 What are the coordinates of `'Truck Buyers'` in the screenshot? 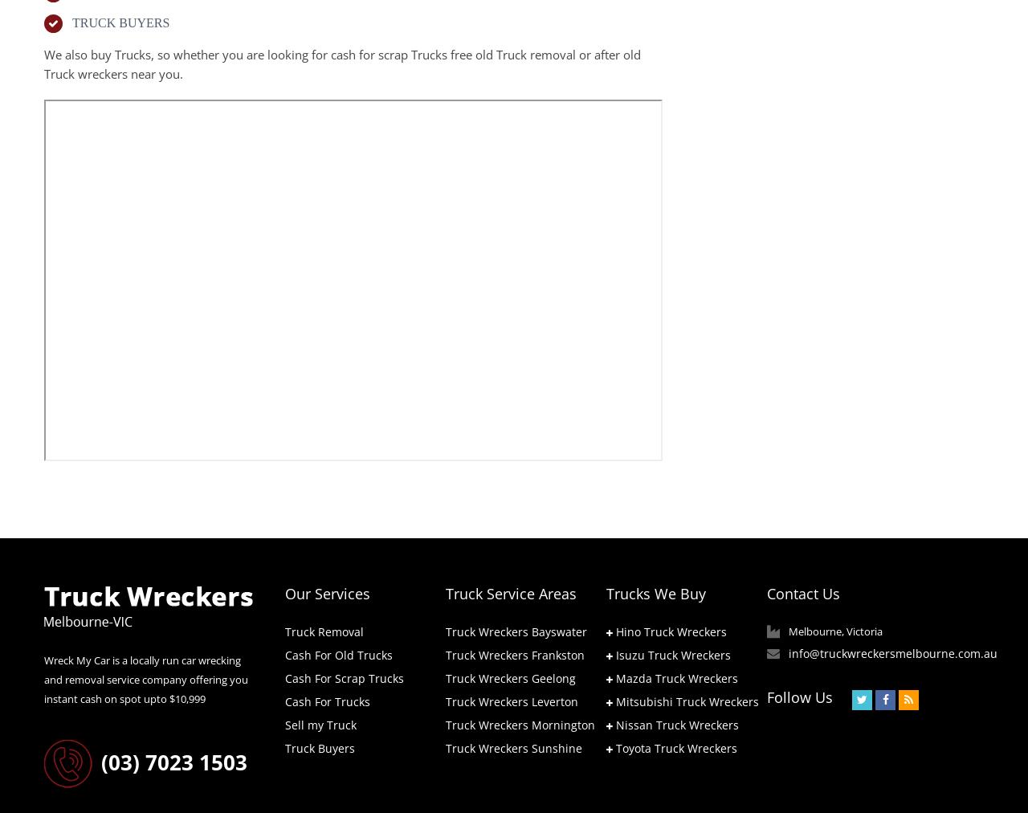 It's located at (320, 747).